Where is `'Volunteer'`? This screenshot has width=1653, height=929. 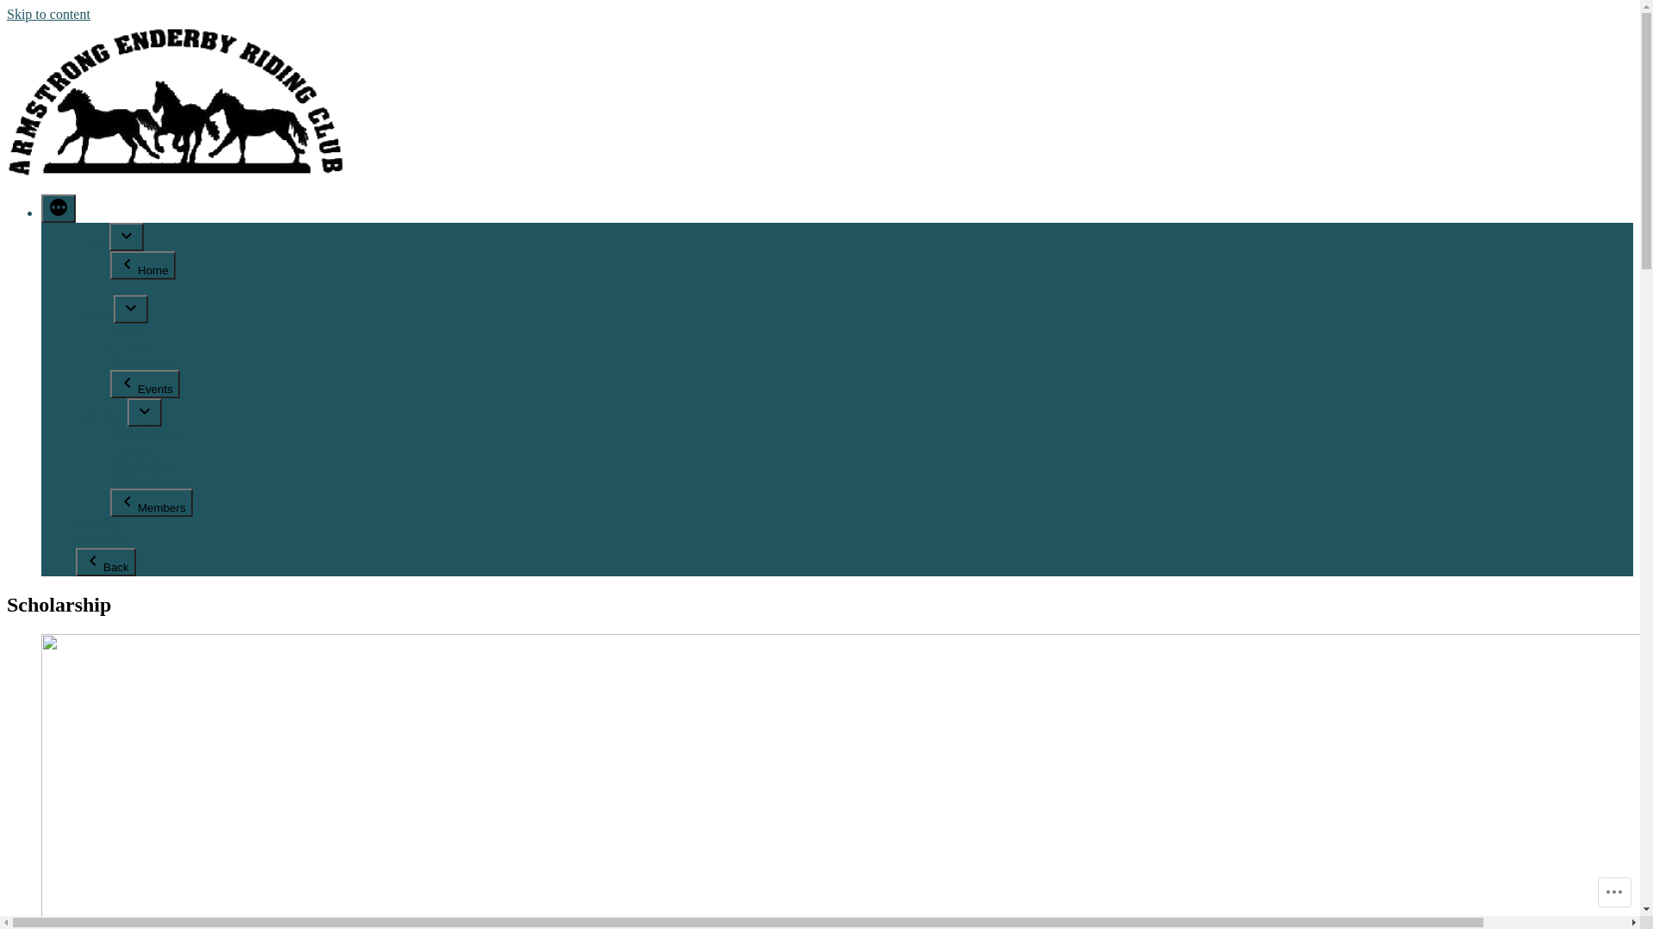
'Volunteer' is located at coordinates (135, 480).